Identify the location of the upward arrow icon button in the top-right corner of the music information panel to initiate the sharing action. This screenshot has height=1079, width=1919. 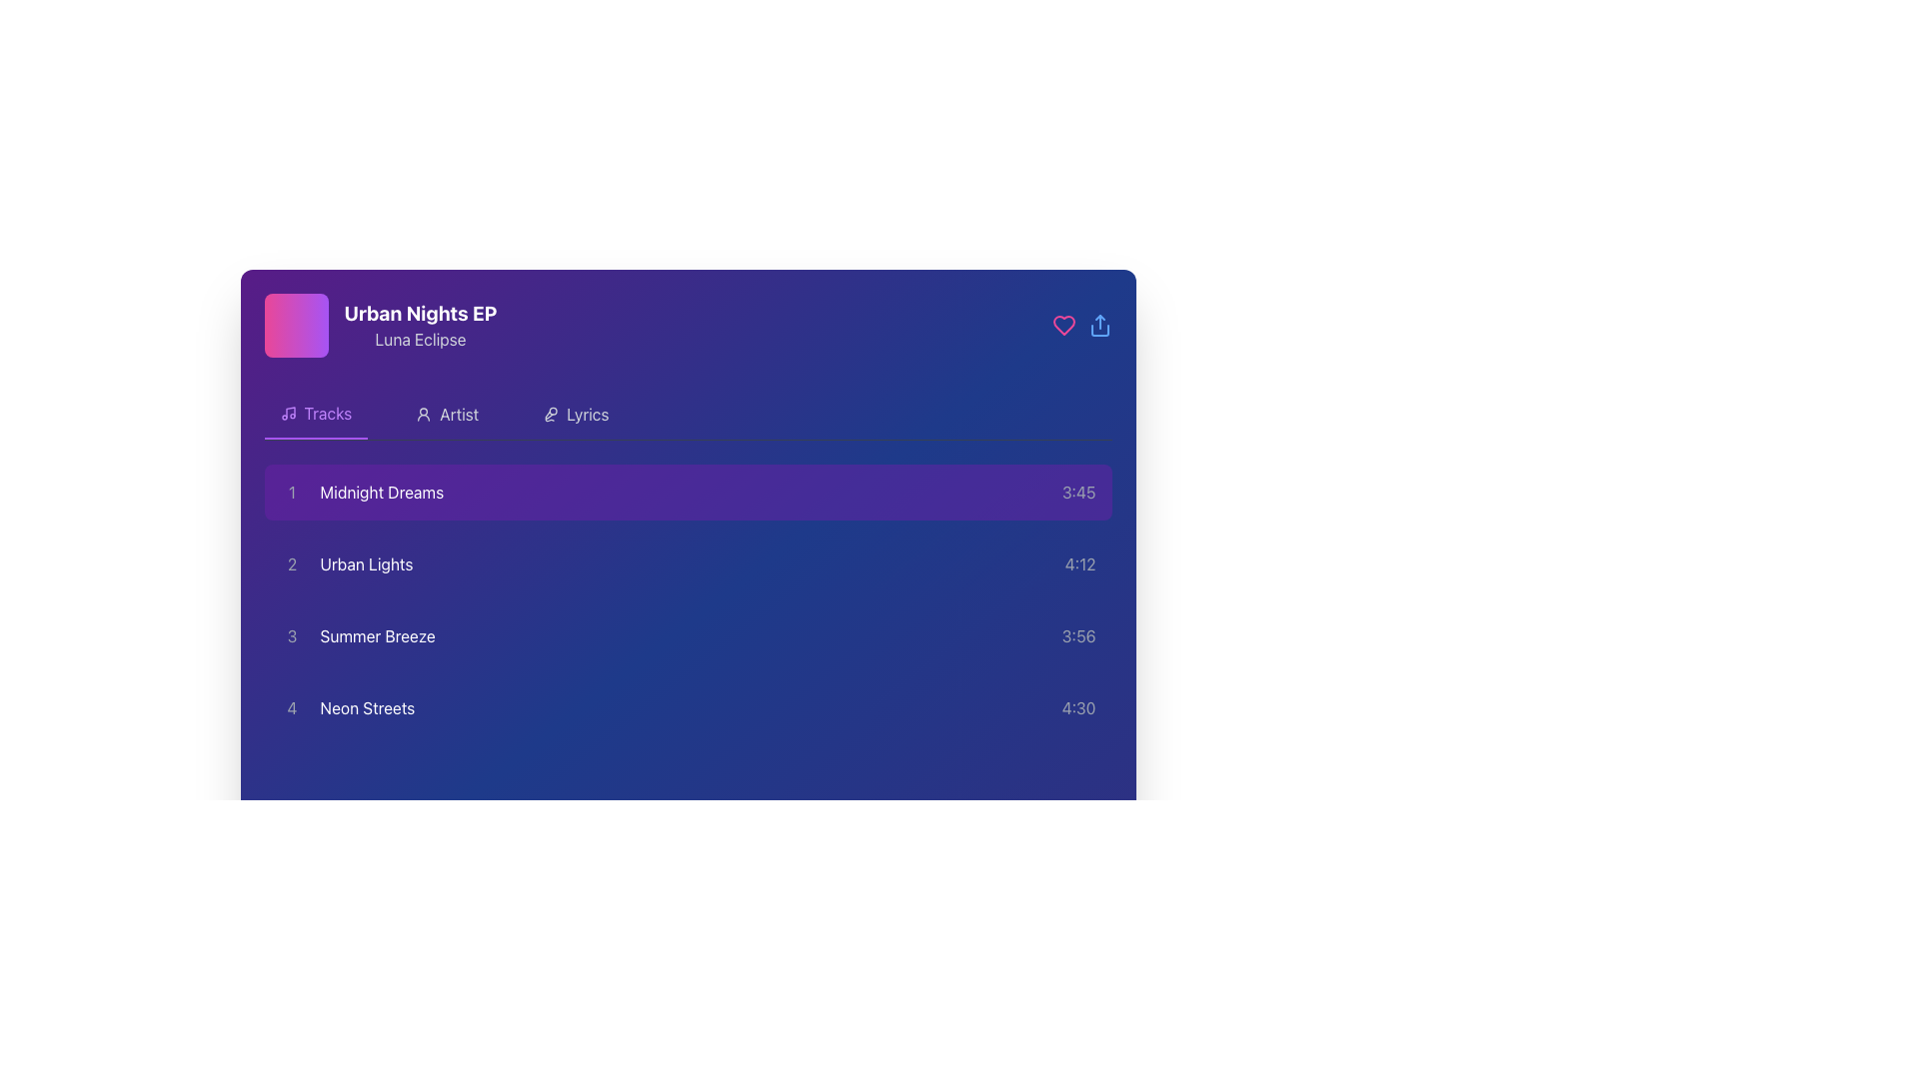
(1098, 325).